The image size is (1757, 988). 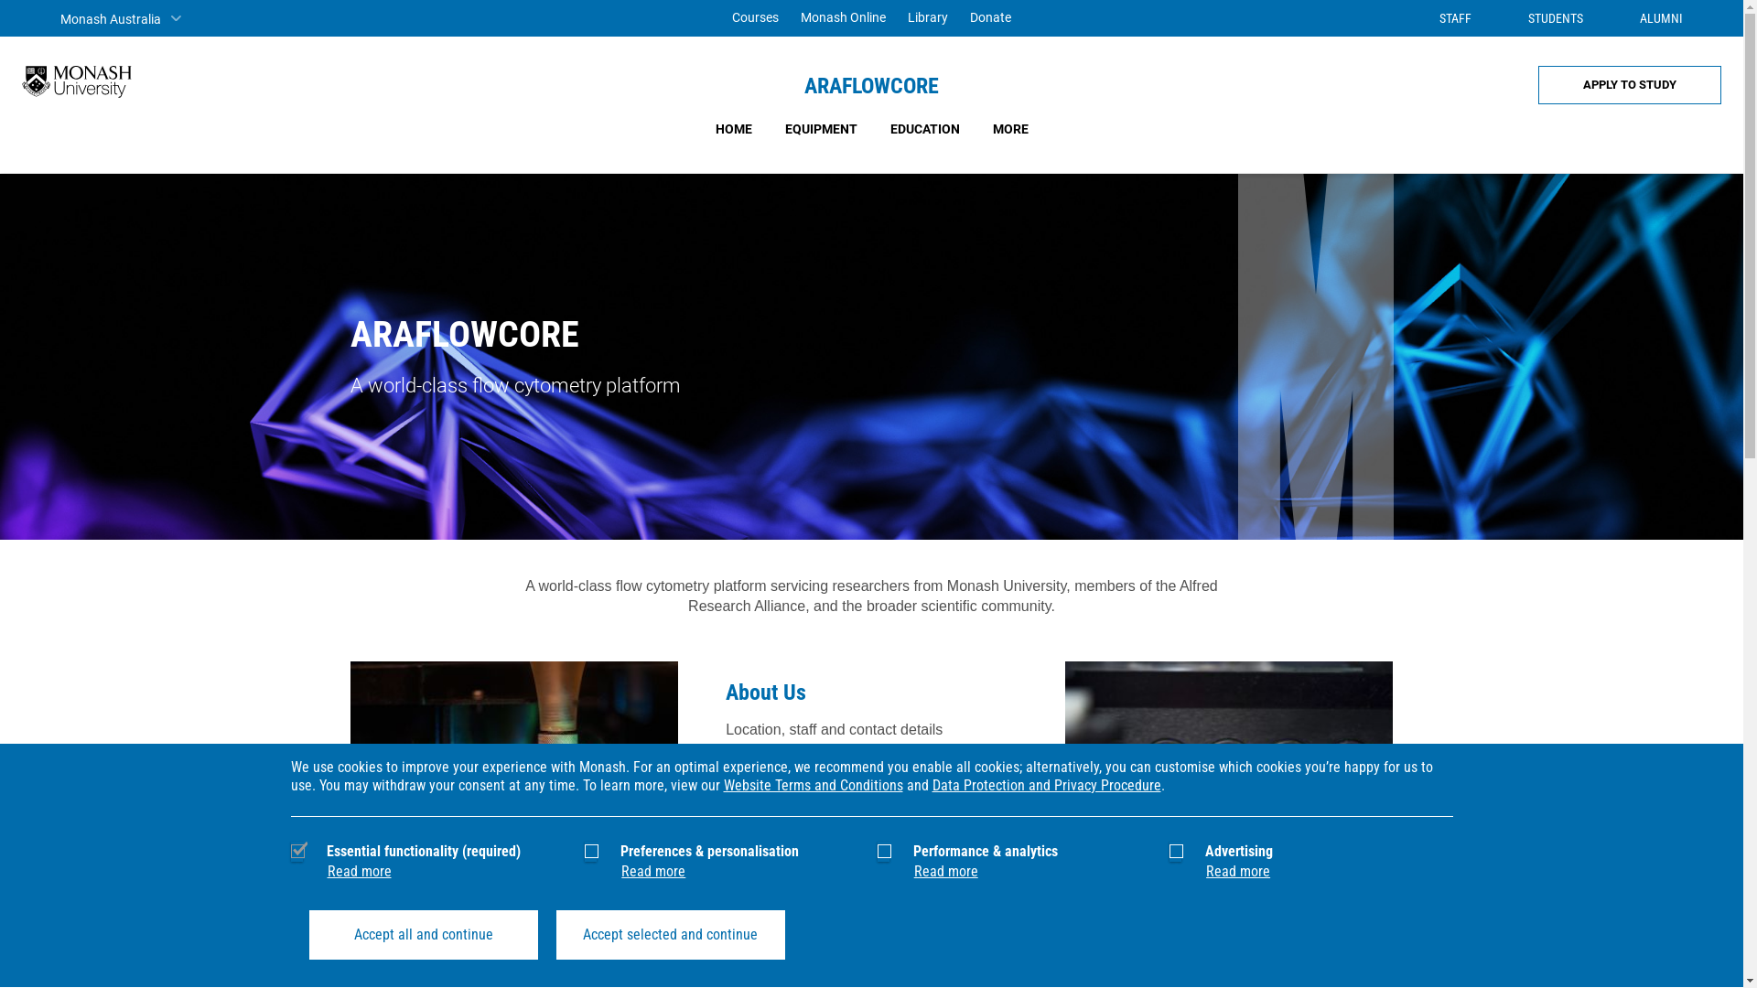 I want to click on 'Monash University', so click(x=75, y=81).